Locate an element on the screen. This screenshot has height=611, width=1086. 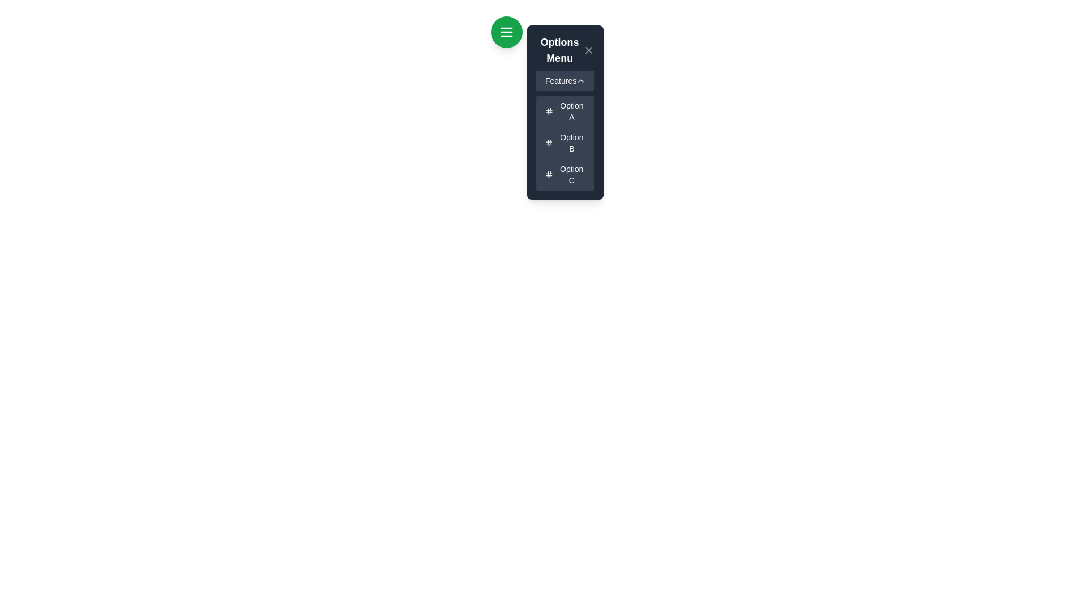
the 'Features' text label styled in white color on a dark gray background, located at the upper section of the 'Options Menu' panel is located at coordinates (561, 80).